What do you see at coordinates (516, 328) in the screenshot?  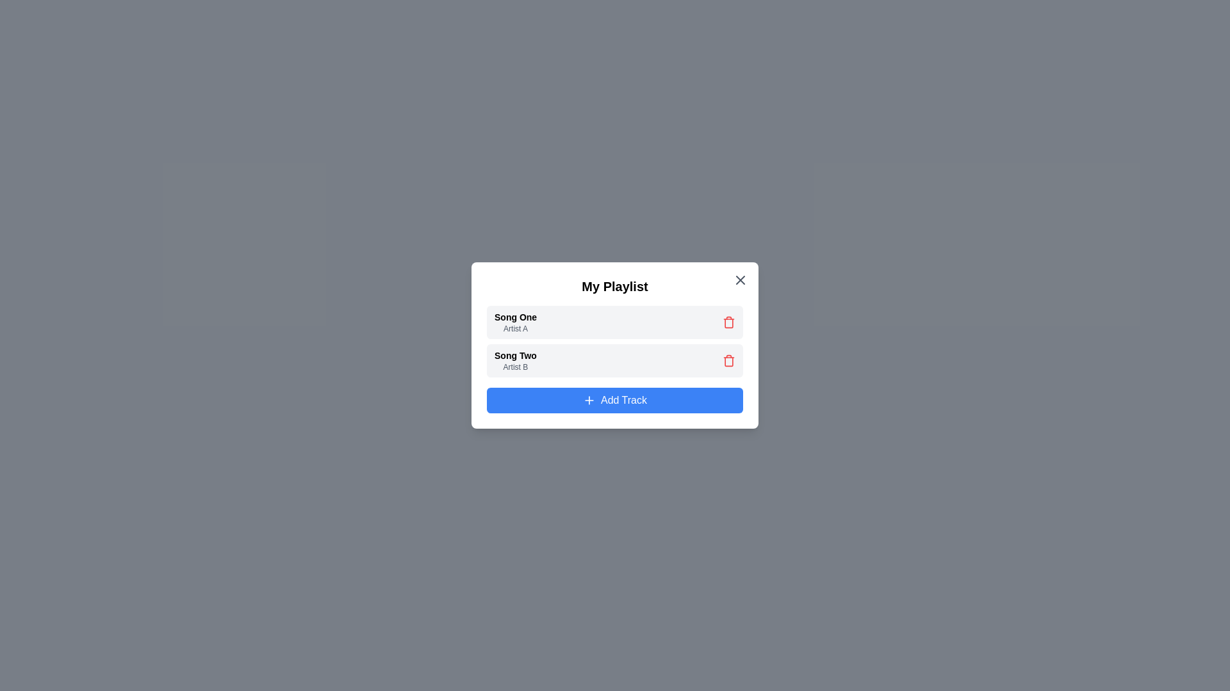 I see `the text label that identifies the artist associated with the song titled 'Song One', located below the bold title within the first item in the playlist` at bounding box center [516, 328].